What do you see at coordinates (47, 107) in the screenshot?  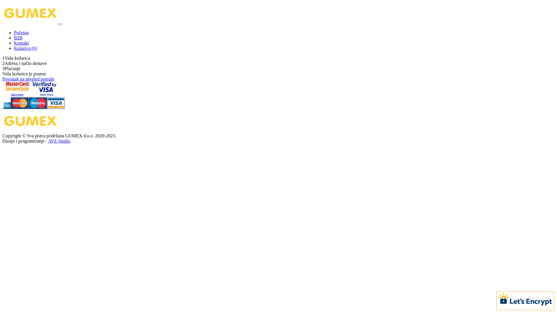 I see `'Visa'` at bounding box center [47, 107].